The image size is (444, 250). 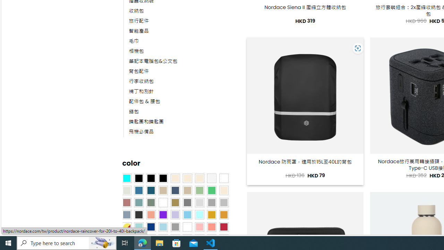 I want to click on 'Cream', so click(x=199, y=178).